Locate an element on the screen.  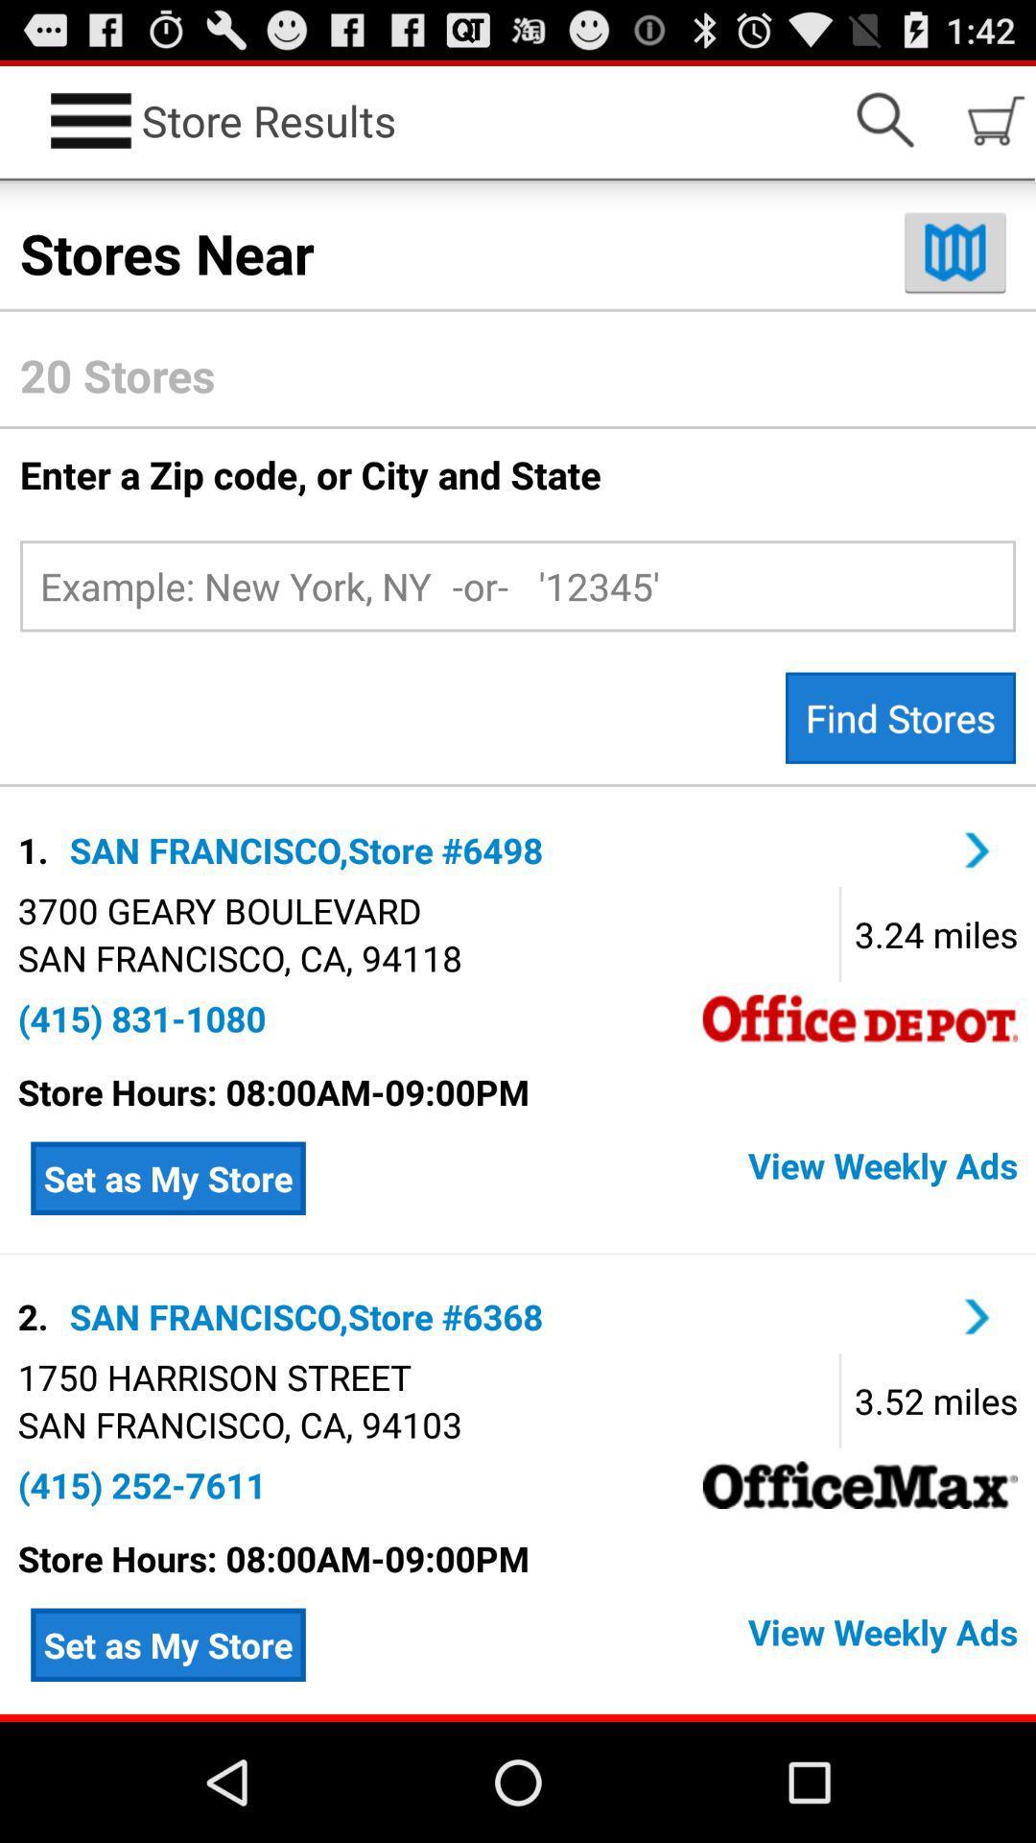
20 stores icon is located at coordinates (518, 375).